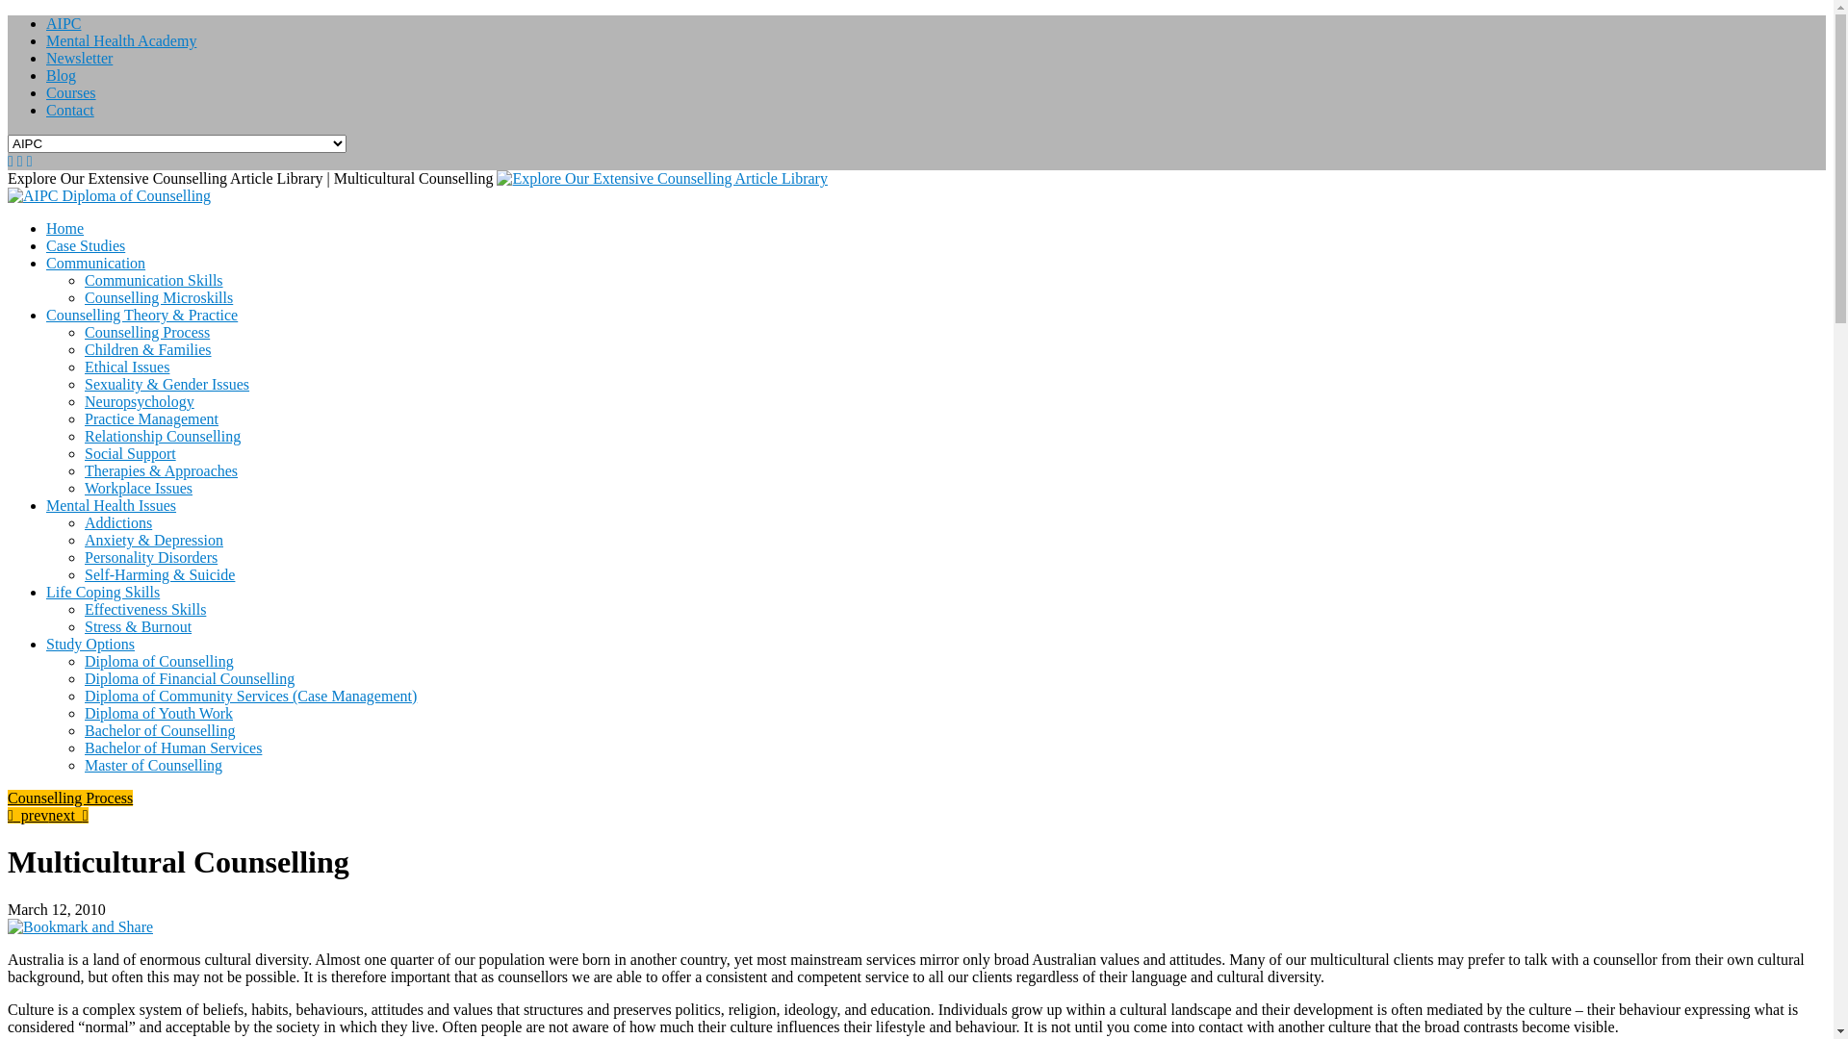  I want to click on 'Bachelor of Counselling', so click(160, 730).